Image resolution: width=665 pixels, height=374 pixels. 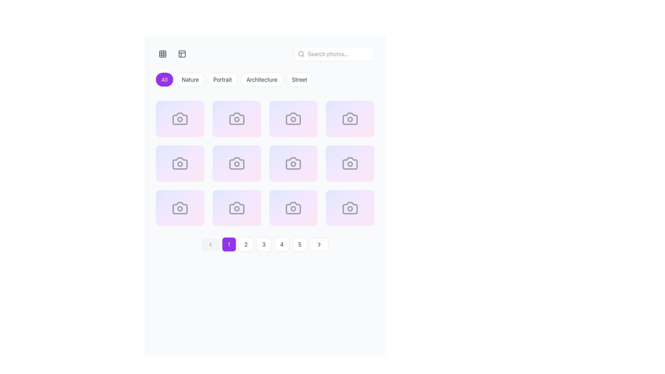 What do you see at coordinates (180, 164) in the screenshot?
I see `the indicator circle located within the third camera icon in the second row of icons in the grid` at bounding box center [180, 164].